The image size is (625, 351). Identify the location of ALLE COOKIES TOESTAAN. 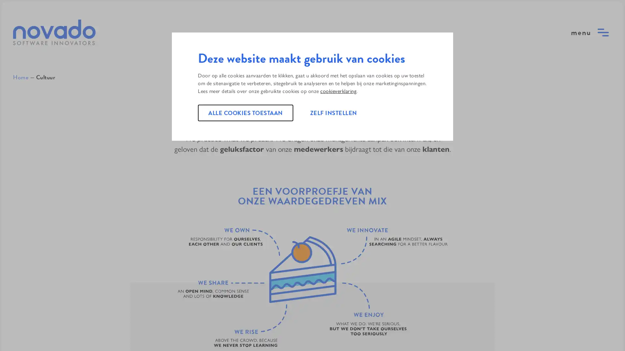
(245, 112).